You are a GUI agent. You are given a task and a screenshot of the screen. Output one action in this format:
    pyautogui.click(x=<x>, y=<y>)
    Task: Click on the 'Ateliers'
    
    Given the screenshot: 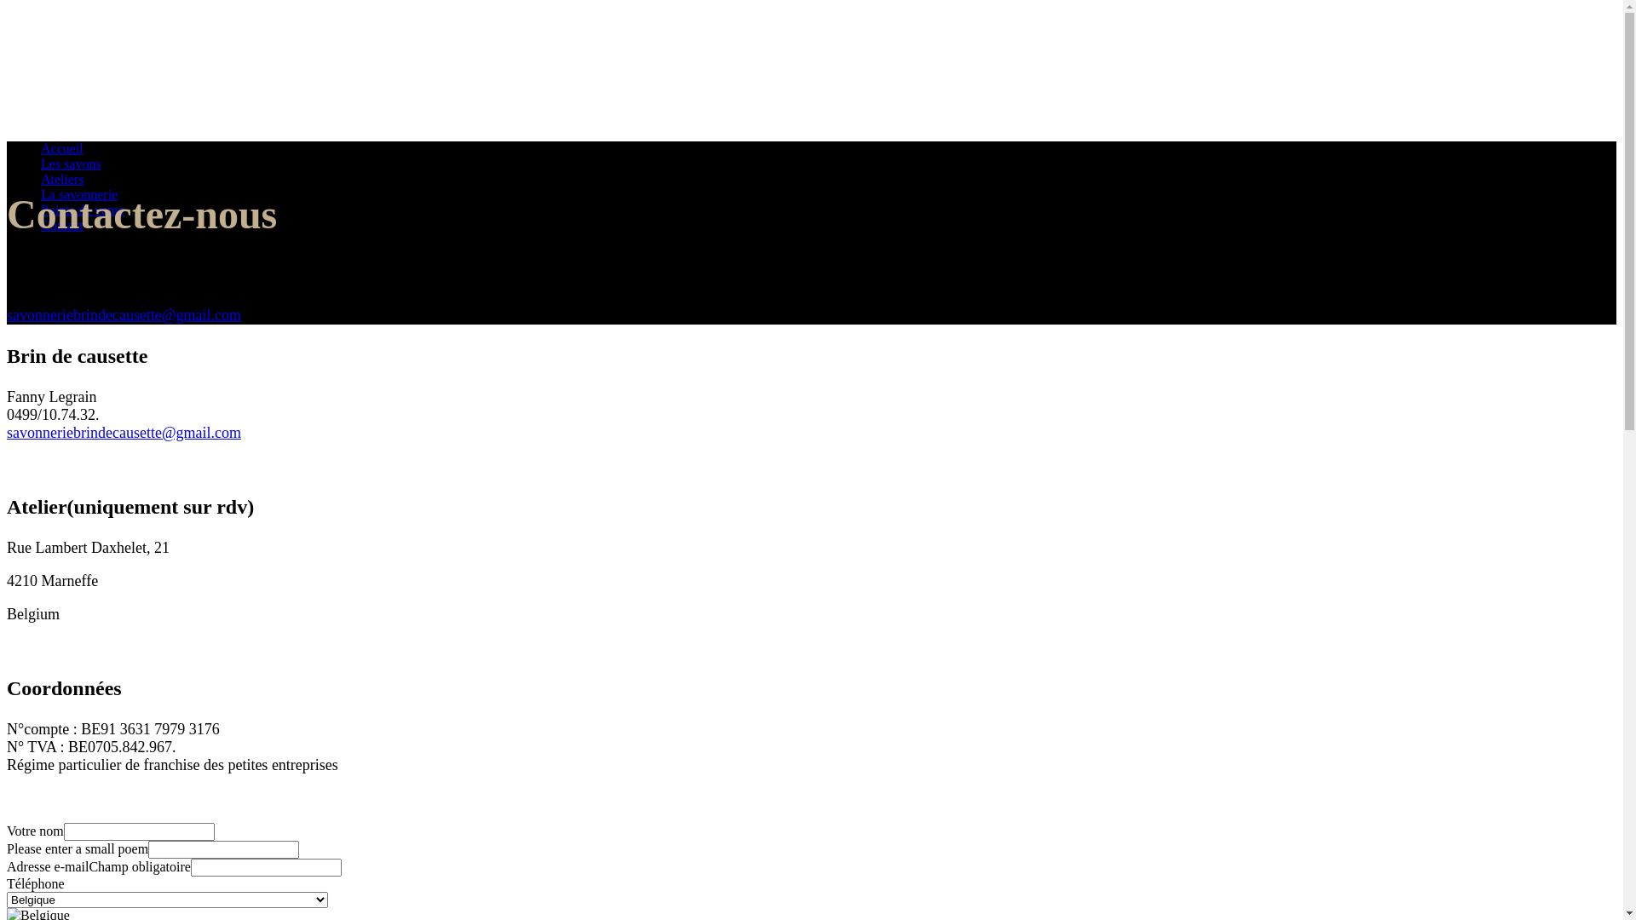 What is the action you would take?
    pyautogui.click(x=62, y=179)
    